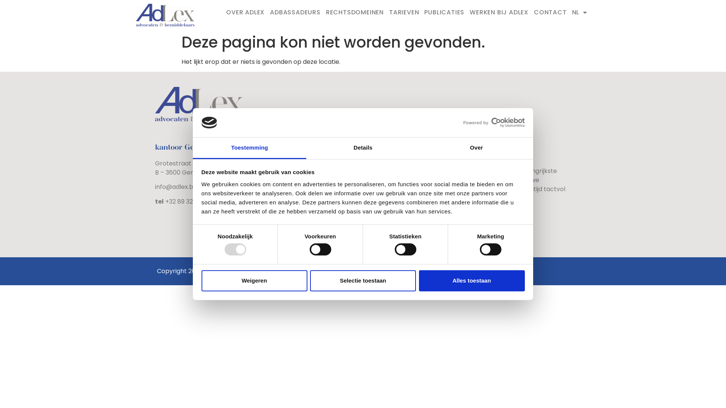 The width and height of the screenshot is (726, 408). I want to click on 'PUBLICATIES', so click(421, 12).